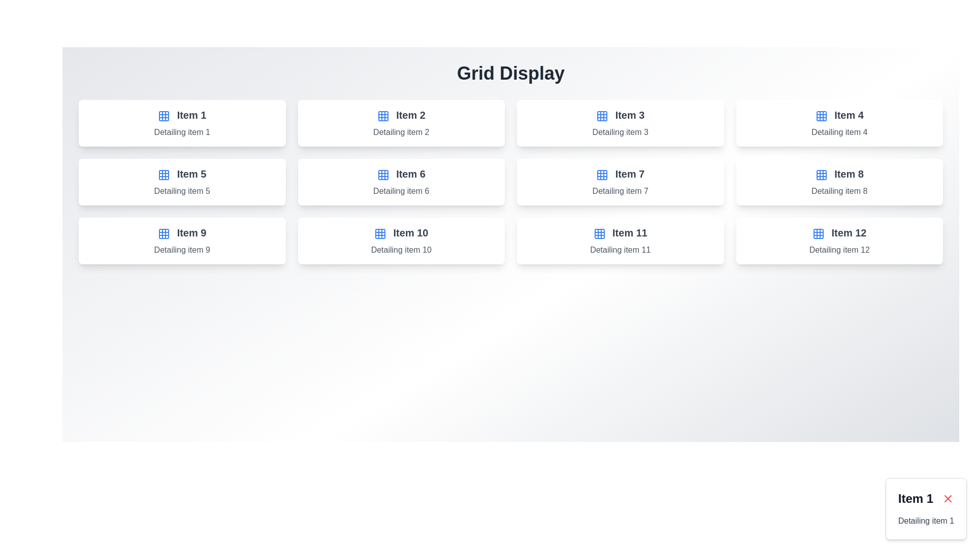 This screenshot has height=548, width=975. What do you see at coordinates (599, 233) in the screenshot?
I see `the blue grid icon located directly preceding the text 'Item 11' in the bottom row of the grid layout` at bounding box center [599, 233].